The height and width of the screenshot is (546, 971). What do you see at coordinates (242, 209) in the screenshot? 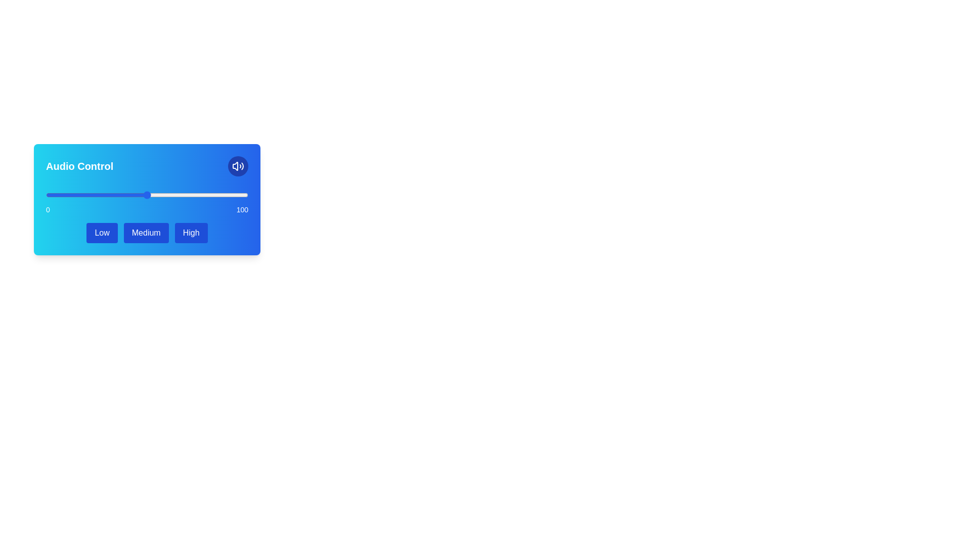
I see `the text label displaying '100', which is styled with white text on a blue background and positioned at the rightmost side of the audio control interface` at bounding box center [242, 209].